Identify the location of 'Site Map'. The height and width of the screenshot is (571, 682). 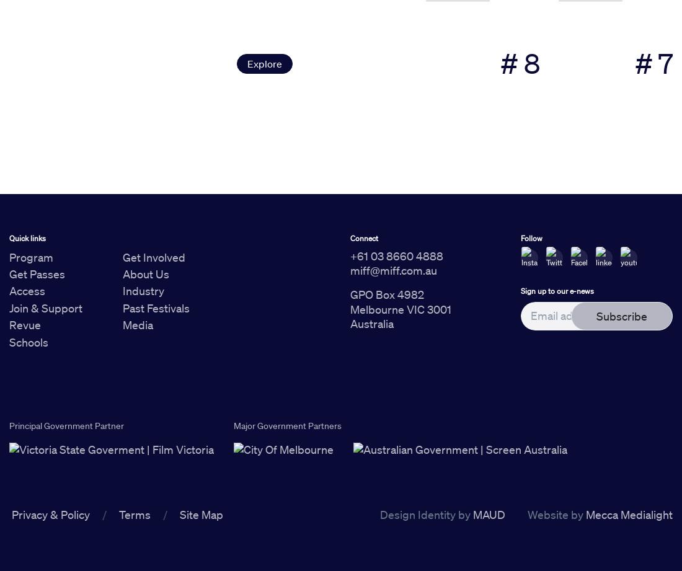
(201, 514).